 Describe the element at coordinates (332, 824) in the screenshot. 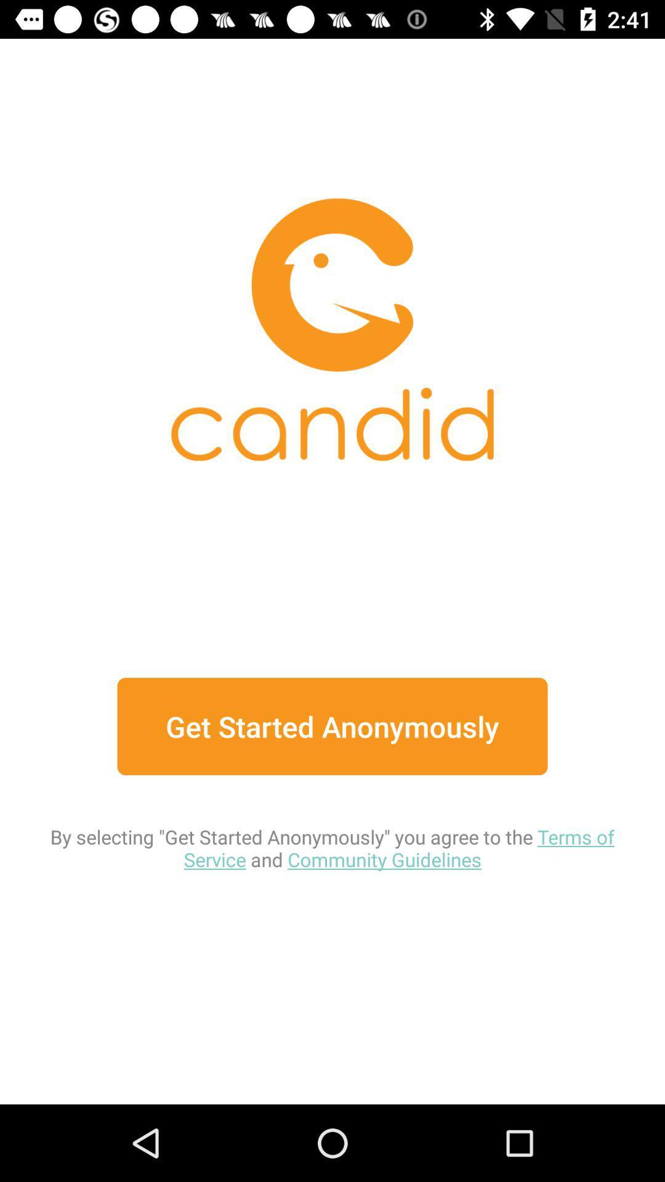

I see `the by selecting get item` at that location.